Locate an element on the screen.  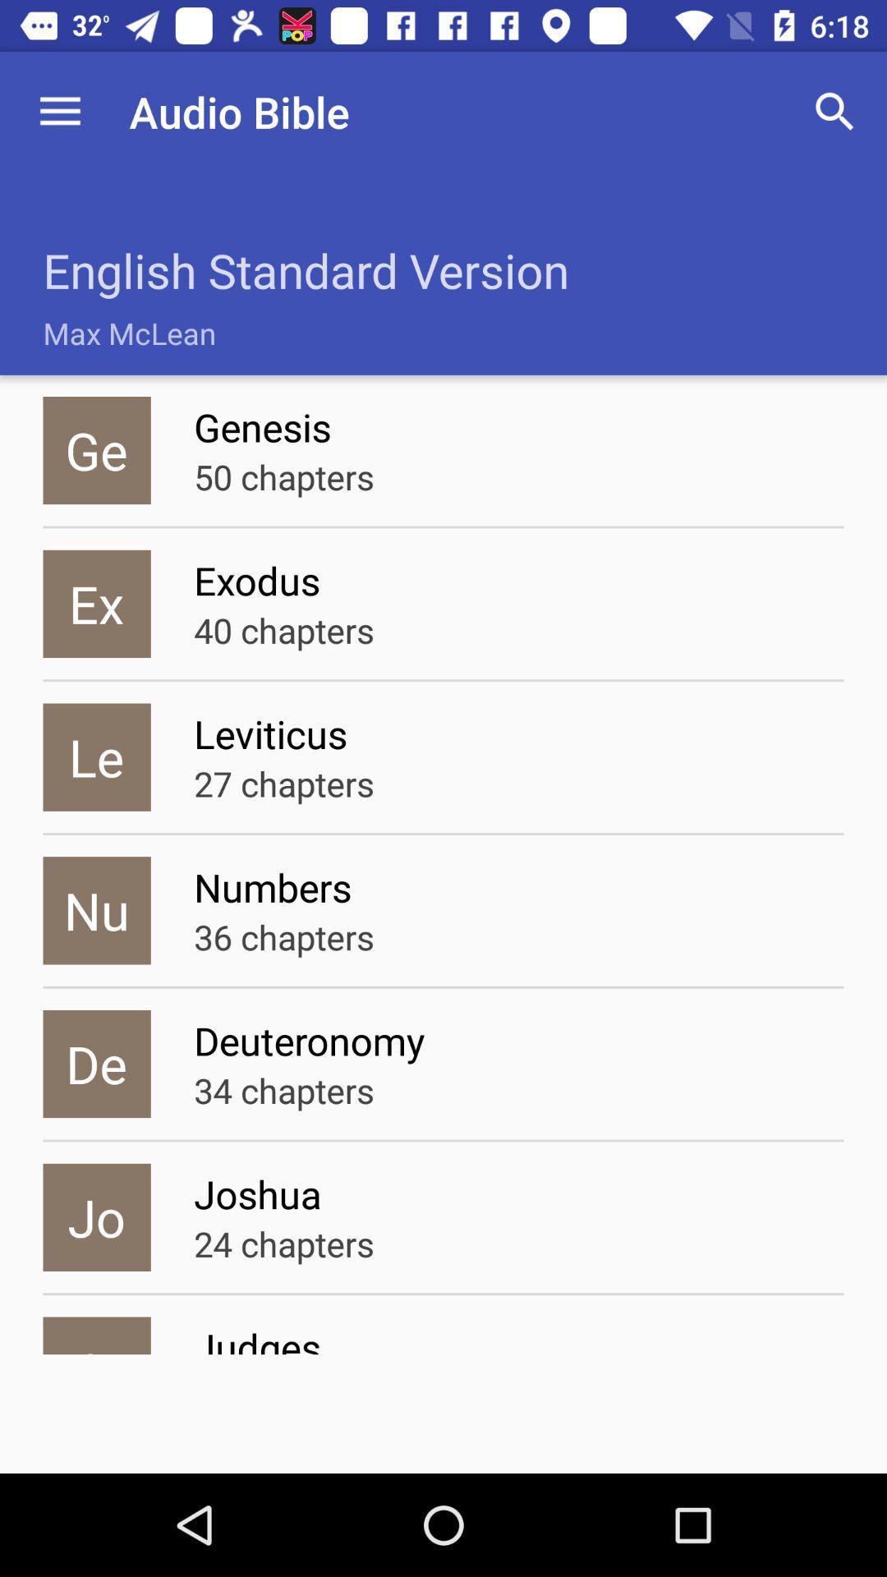
icon to the right of the le icon is located at coordinates (518, 733).